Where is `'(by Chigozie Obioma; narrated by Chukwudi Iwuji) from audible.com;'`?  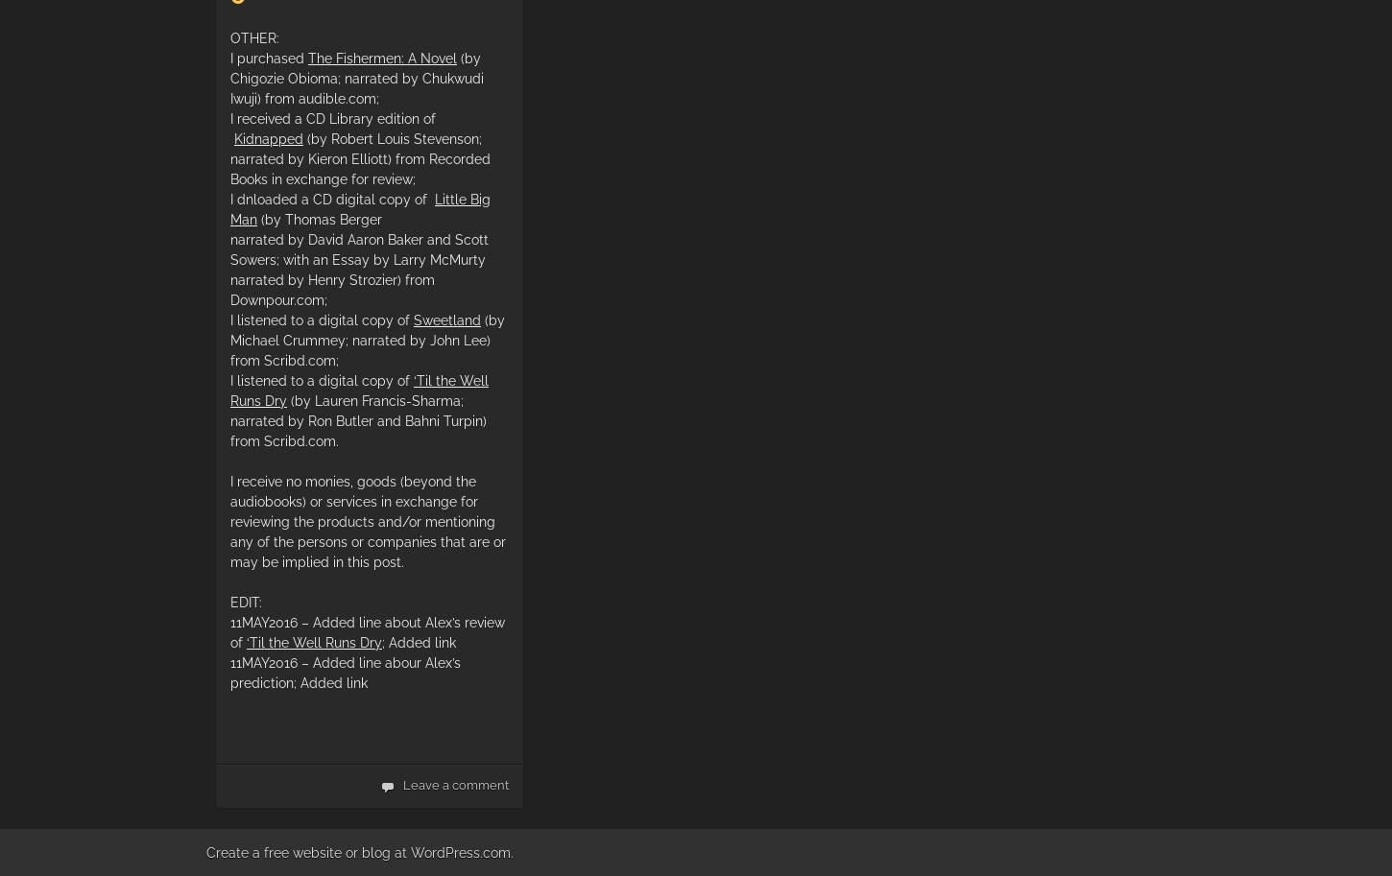
'(by Chigozie Obioma; narrated by Chukwudi Iwuji) from audible.com;' is located at coordinates (228, 77).